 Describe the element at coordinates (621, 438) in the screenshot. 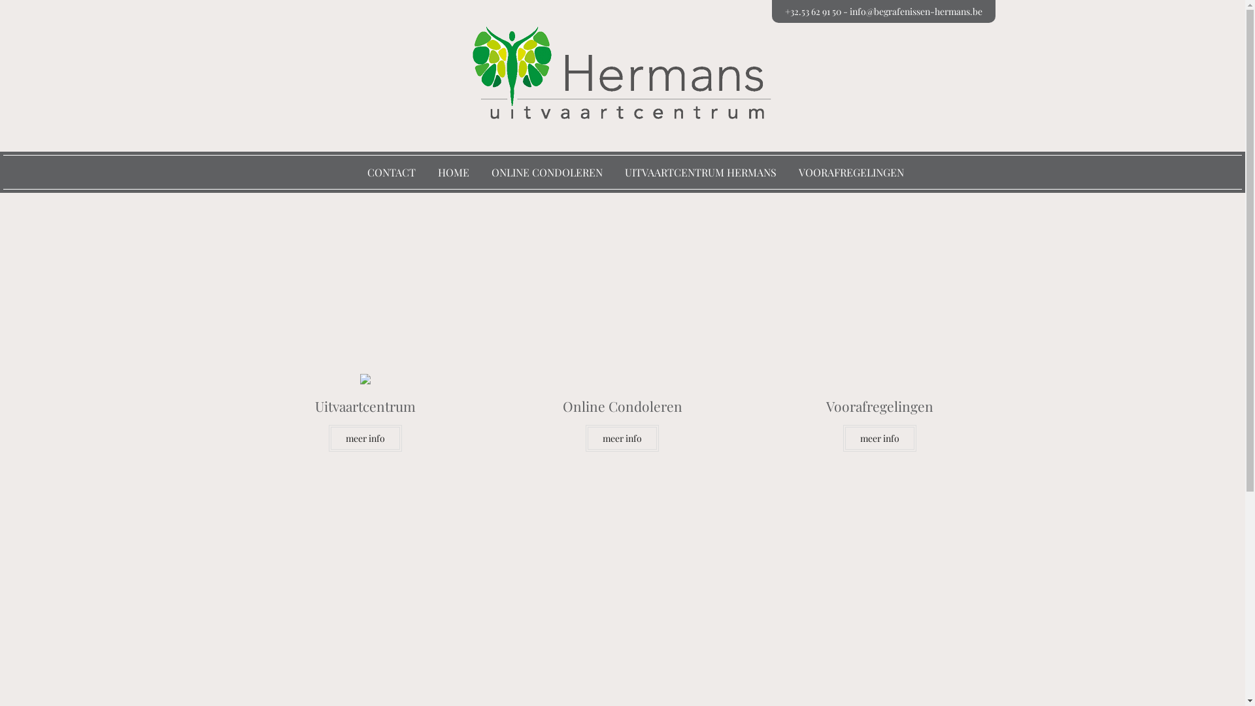

I see `'meer info'` at that location.